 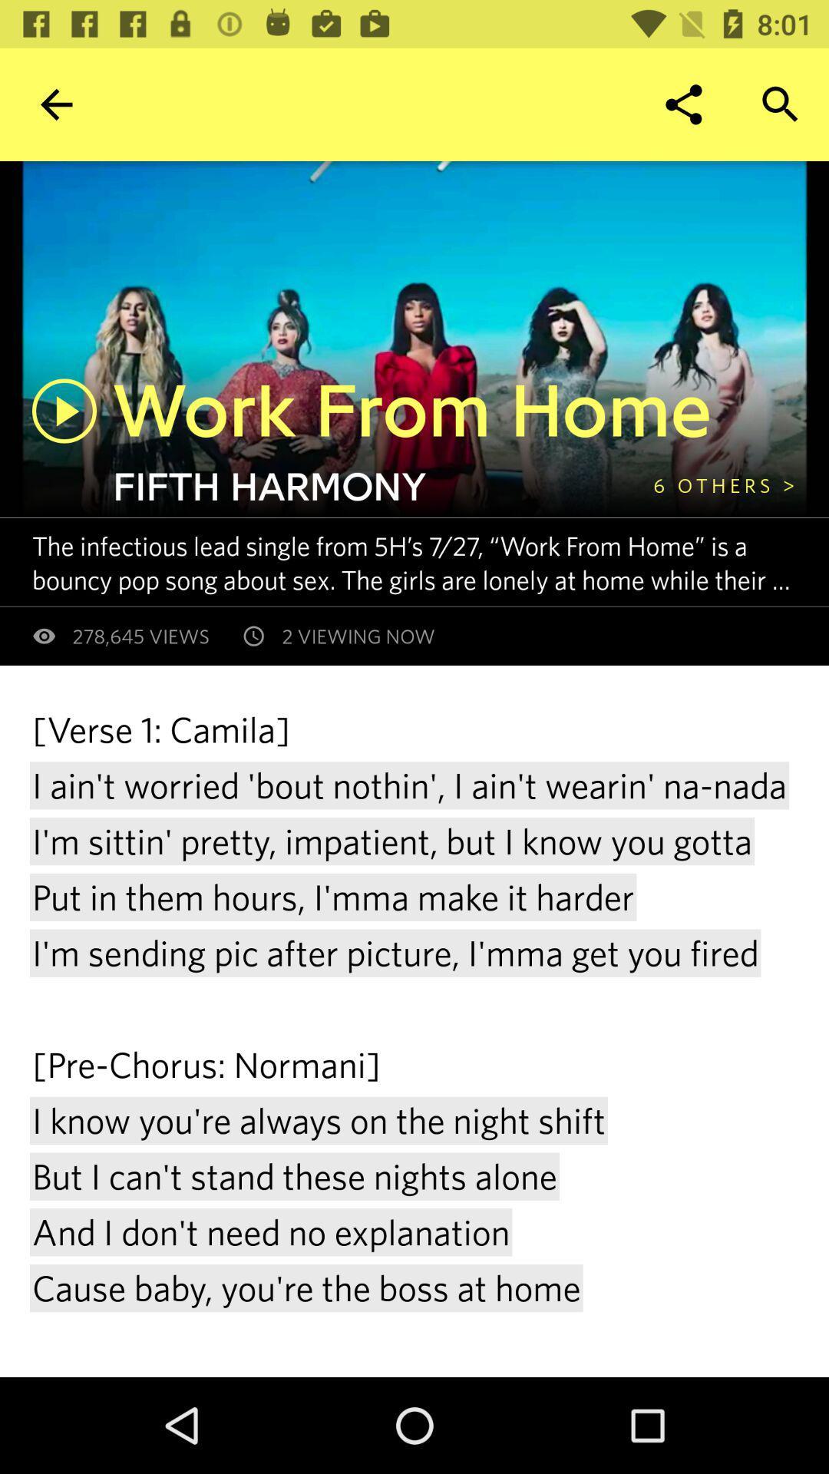 I want to click on play, so click(x=64, y=411).